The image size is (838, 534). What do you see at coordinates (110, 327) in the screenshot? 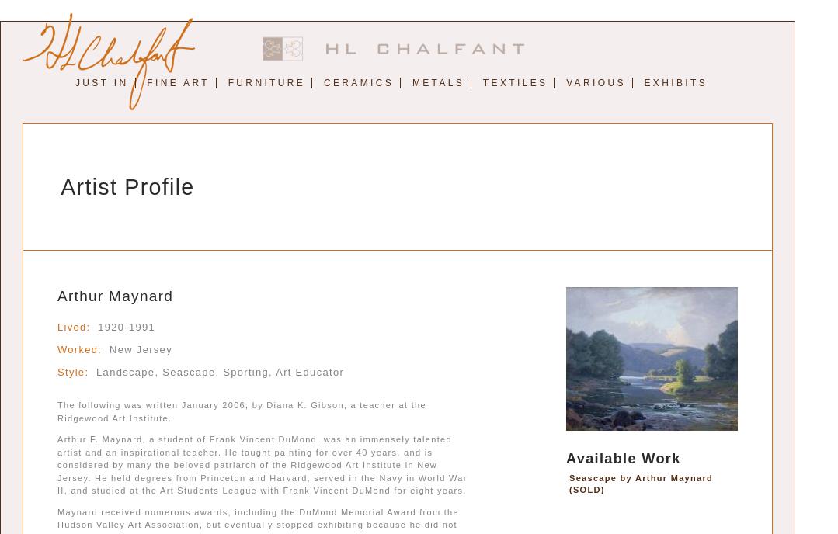
I see `'1920'` at bounding box center [110, 327].